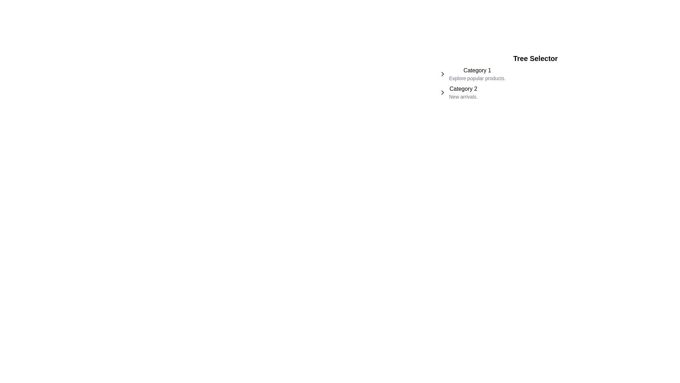  I want to click on the right-facing chevron icon located to the left of the text labeled 'Category 2', so click(442, 92).